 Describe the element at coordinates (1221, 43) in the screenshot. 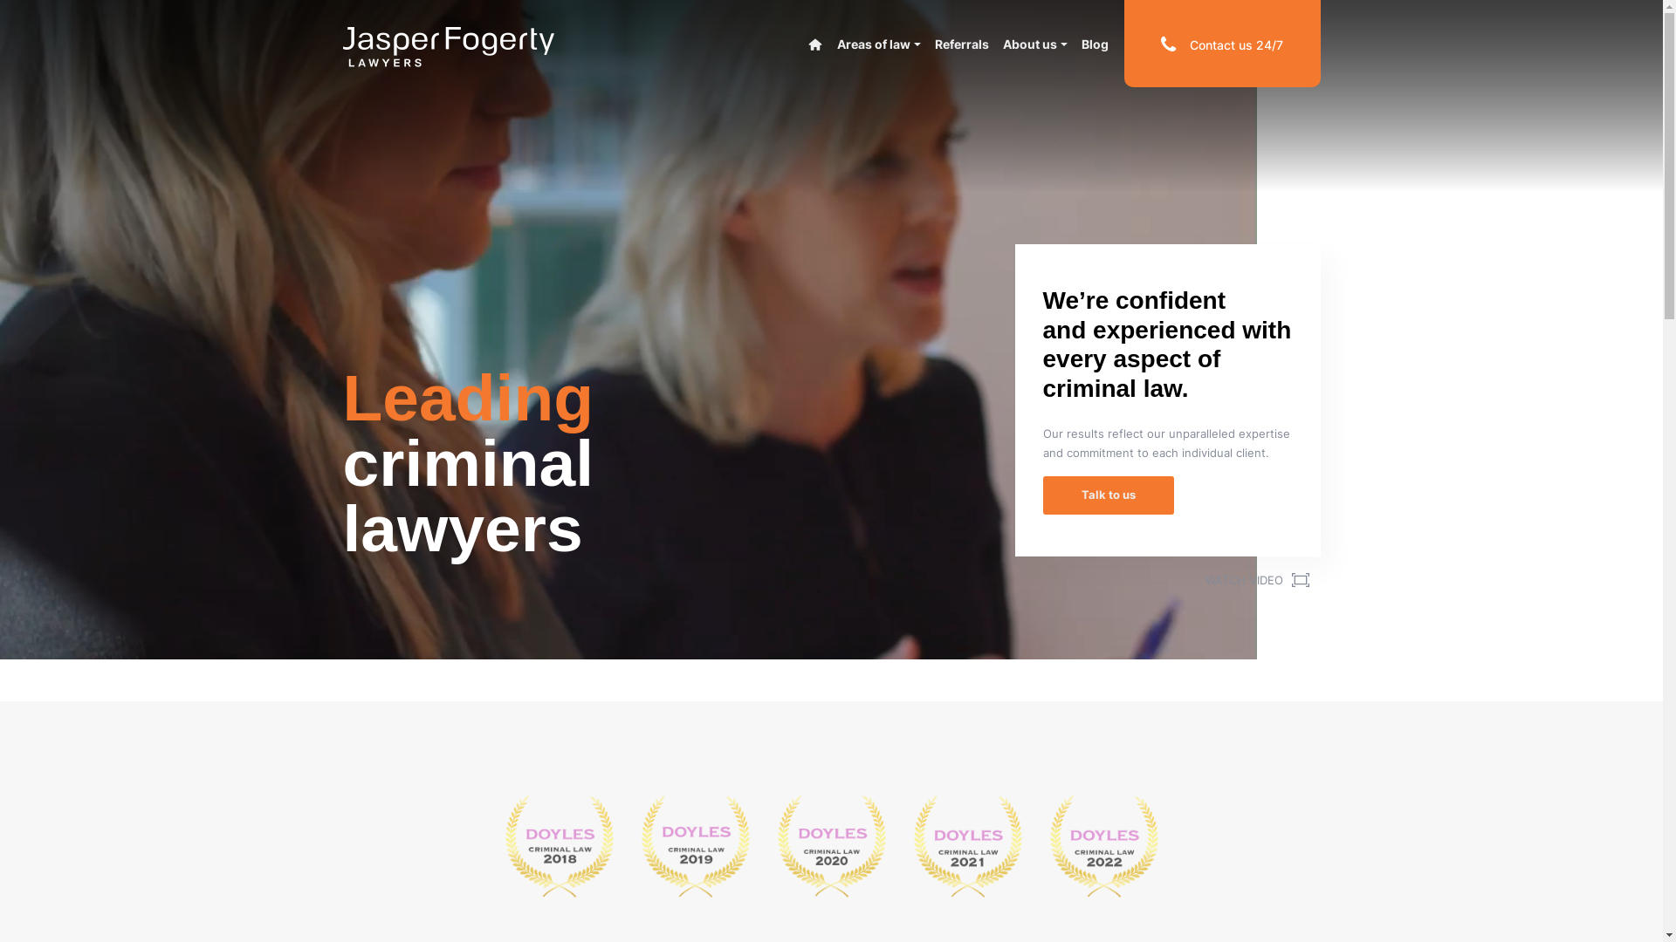

I see `'Contact us 24/7'` at that location.